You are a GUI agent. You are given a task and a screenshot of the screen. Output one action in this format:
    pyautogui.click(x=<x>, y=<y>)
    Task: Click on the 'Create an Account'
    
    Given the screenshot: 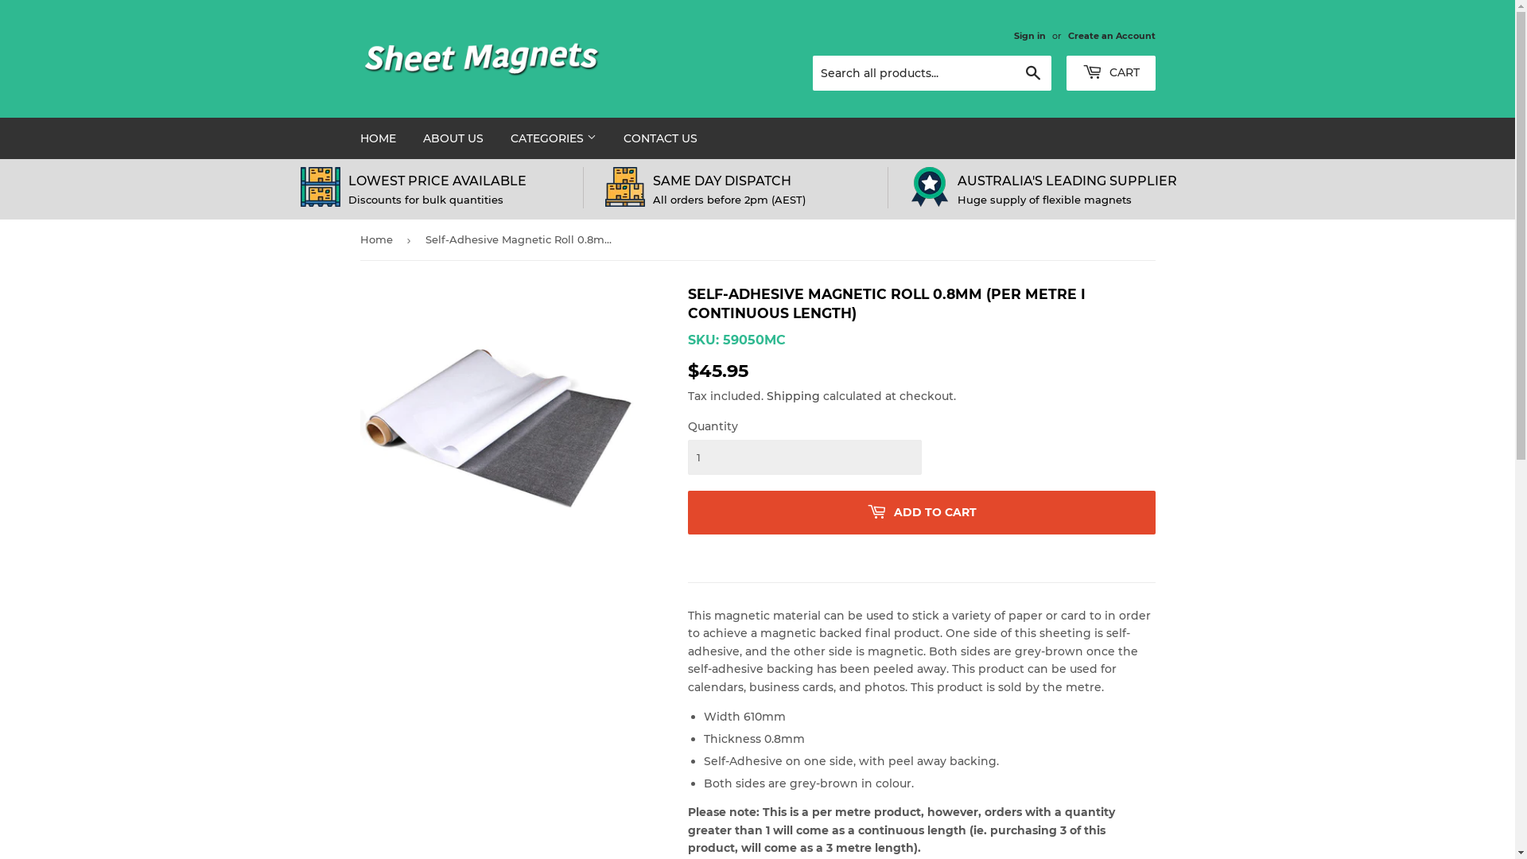 What is the action you would take?
    pyautogui.click(x=1067, y=36)
    